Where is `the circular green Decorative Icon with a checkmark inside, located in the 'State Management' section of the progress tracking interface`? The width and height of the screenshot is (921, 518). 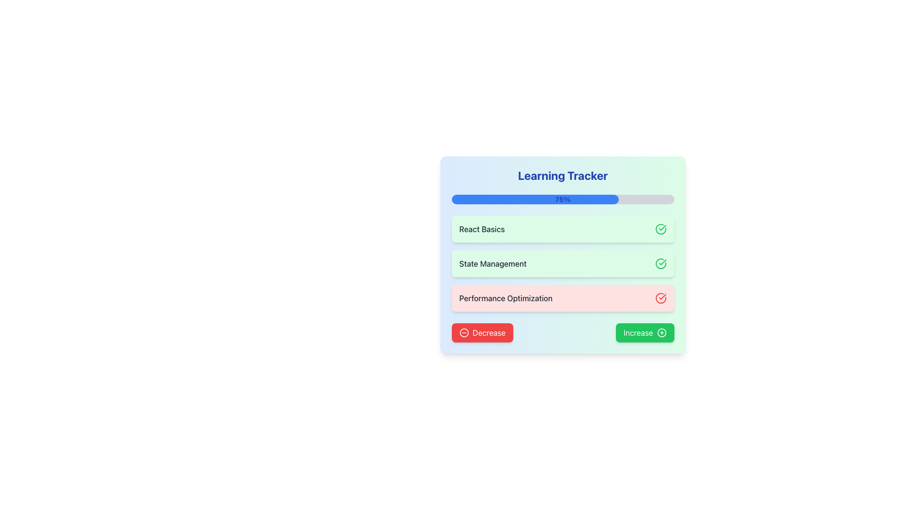 the circular green Decorative Icon with a checkmark inside, located in the 'State Management' section of the progress tracking interface is located at coordinates (660, 264).